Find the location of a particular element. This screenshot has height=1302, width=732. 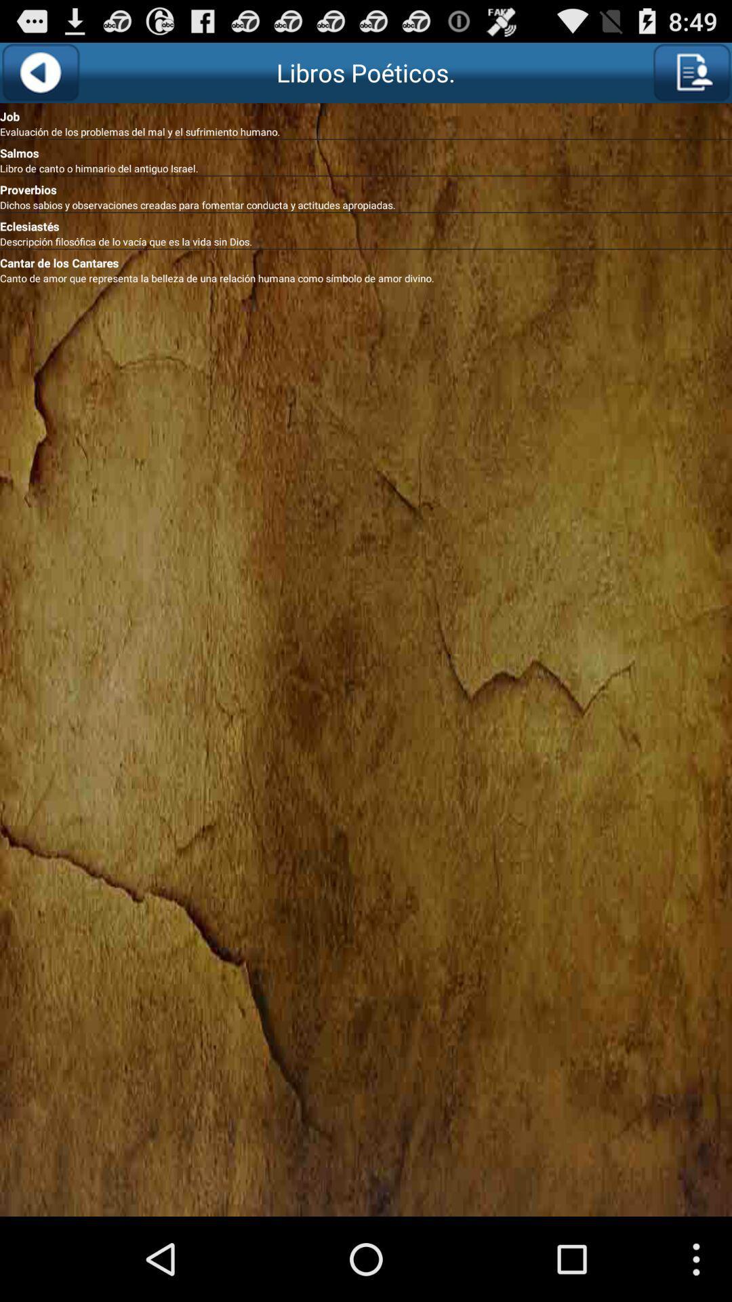

the salmos icon is located at coordinates (366, 150).